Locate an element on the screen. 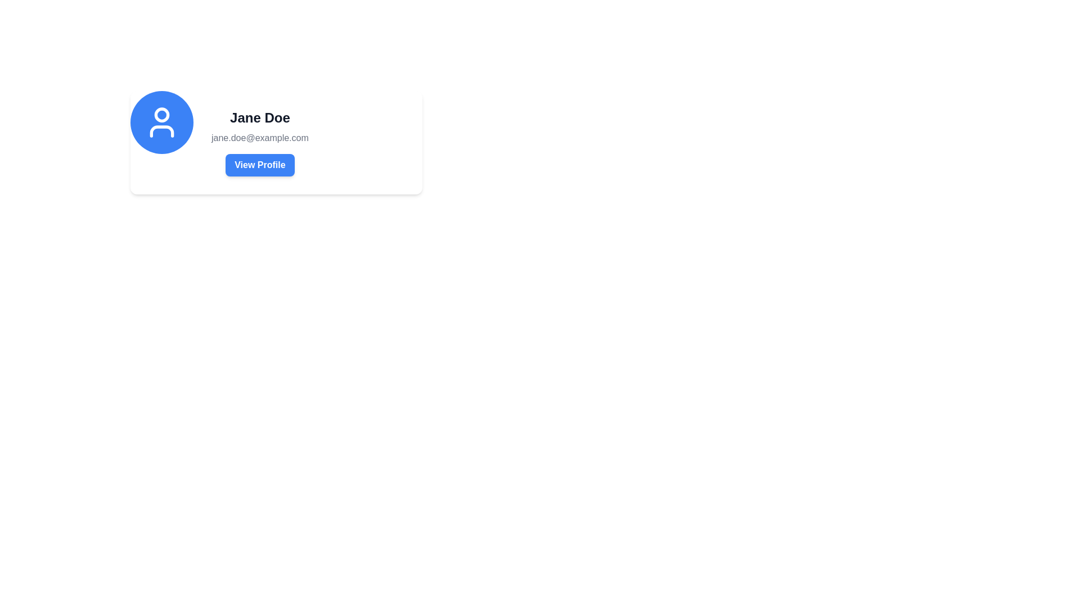  the curved, rounded line segment of the user avatar graphic located at the top-left of the interface, which is part of an SVG graphic with a white color against a blue circular background is located at coordinates (161, 131).